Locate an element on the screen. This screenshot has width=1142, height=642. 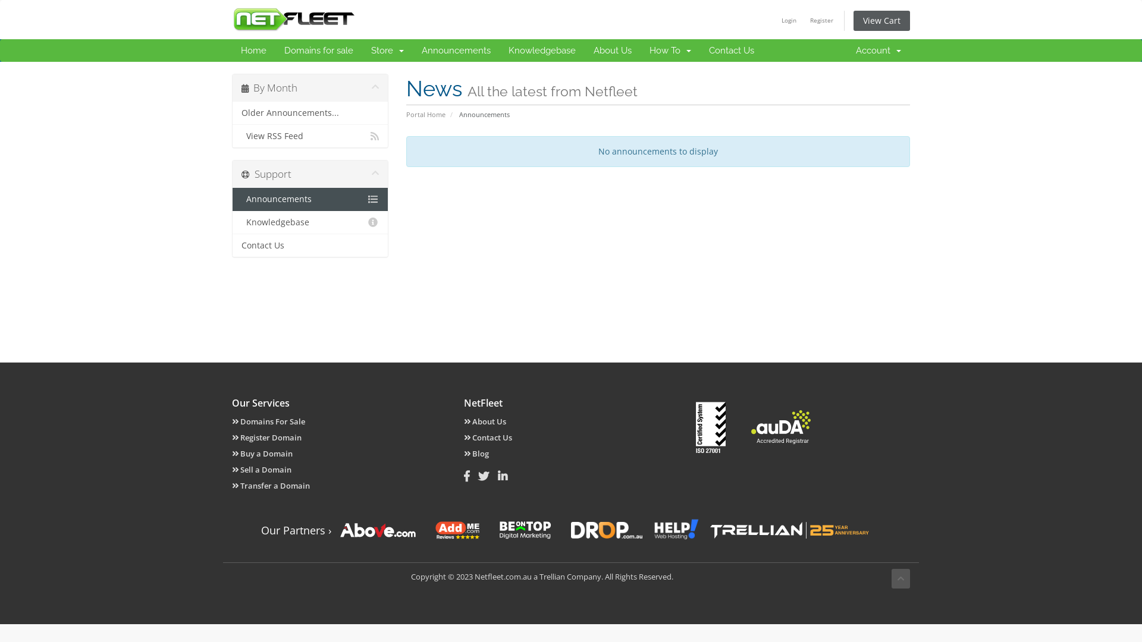
'  View RSS Feed' is located at coordinates (310, 135).